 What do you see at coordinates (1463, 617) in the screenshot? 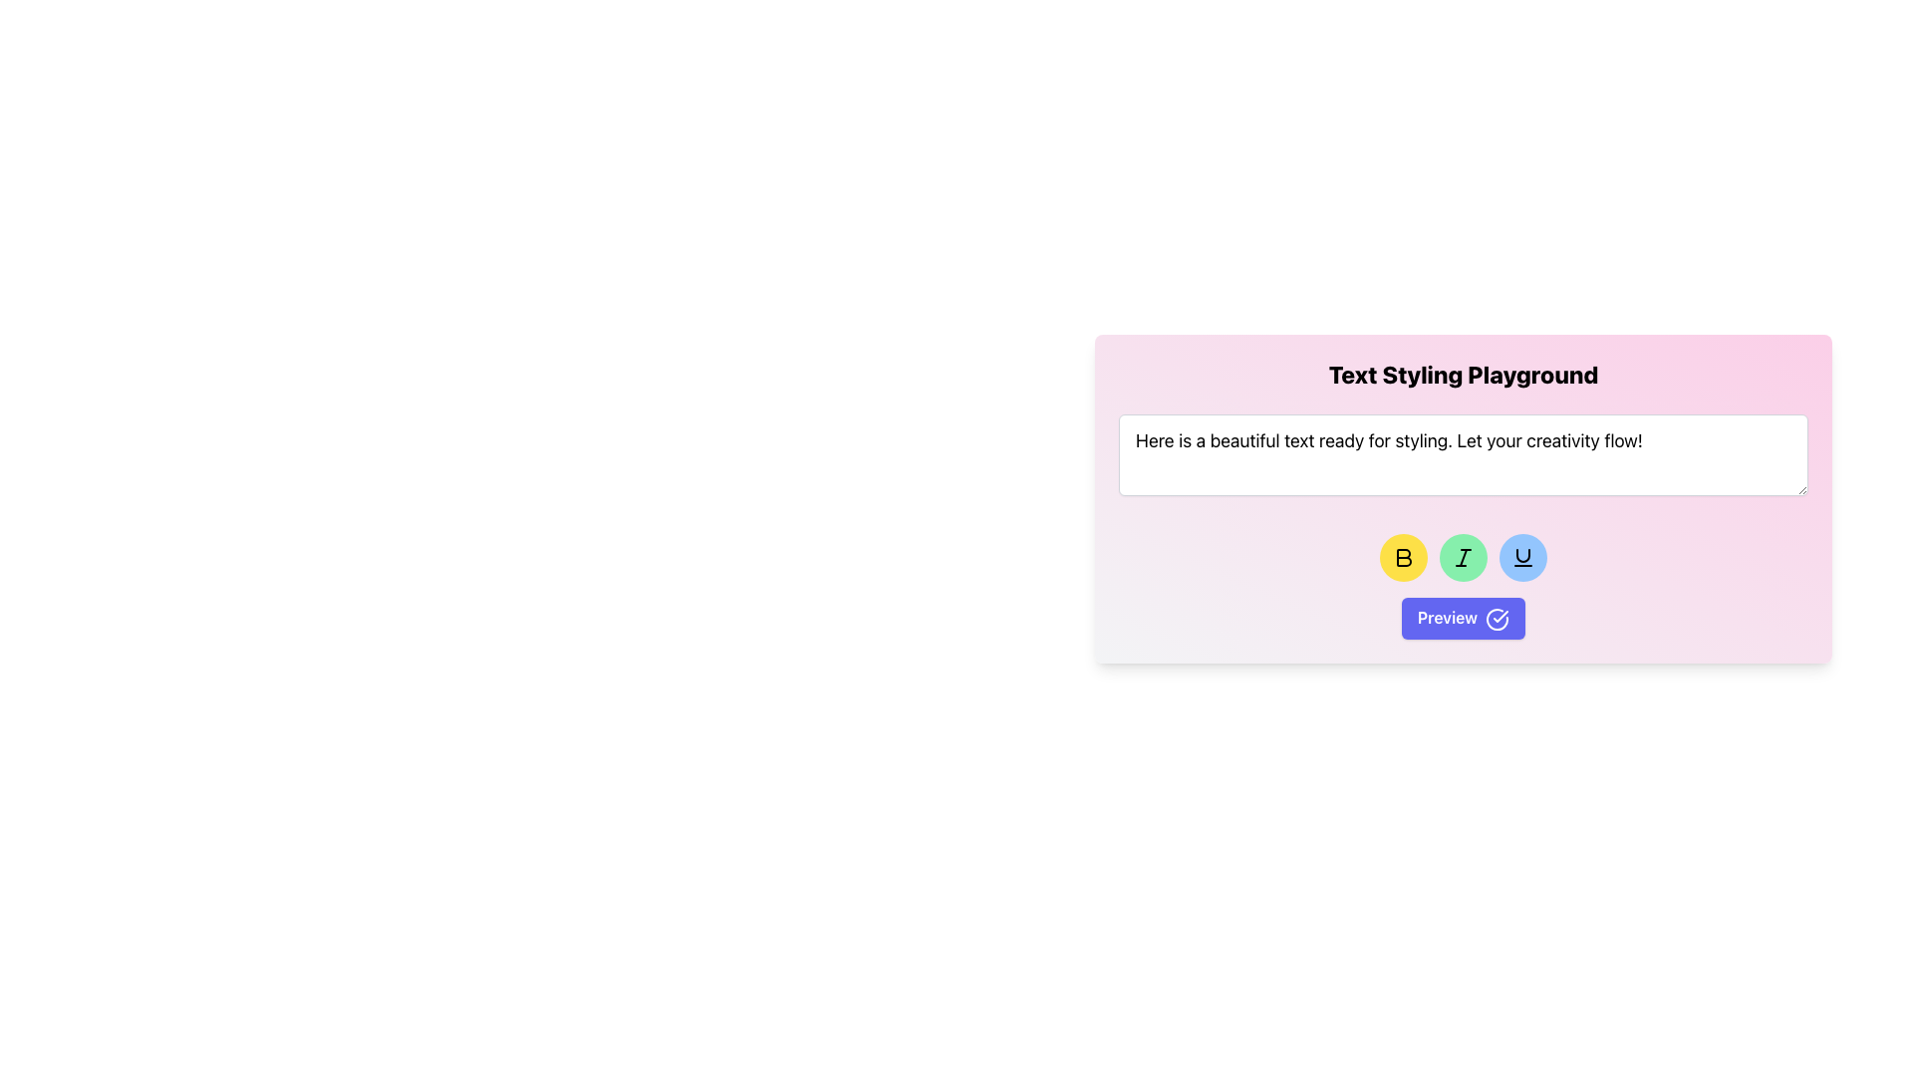
I see `the preview button located at the lower center of the pink box labeled 'Text Styling Playground'` at bounding box center [1463, 617].